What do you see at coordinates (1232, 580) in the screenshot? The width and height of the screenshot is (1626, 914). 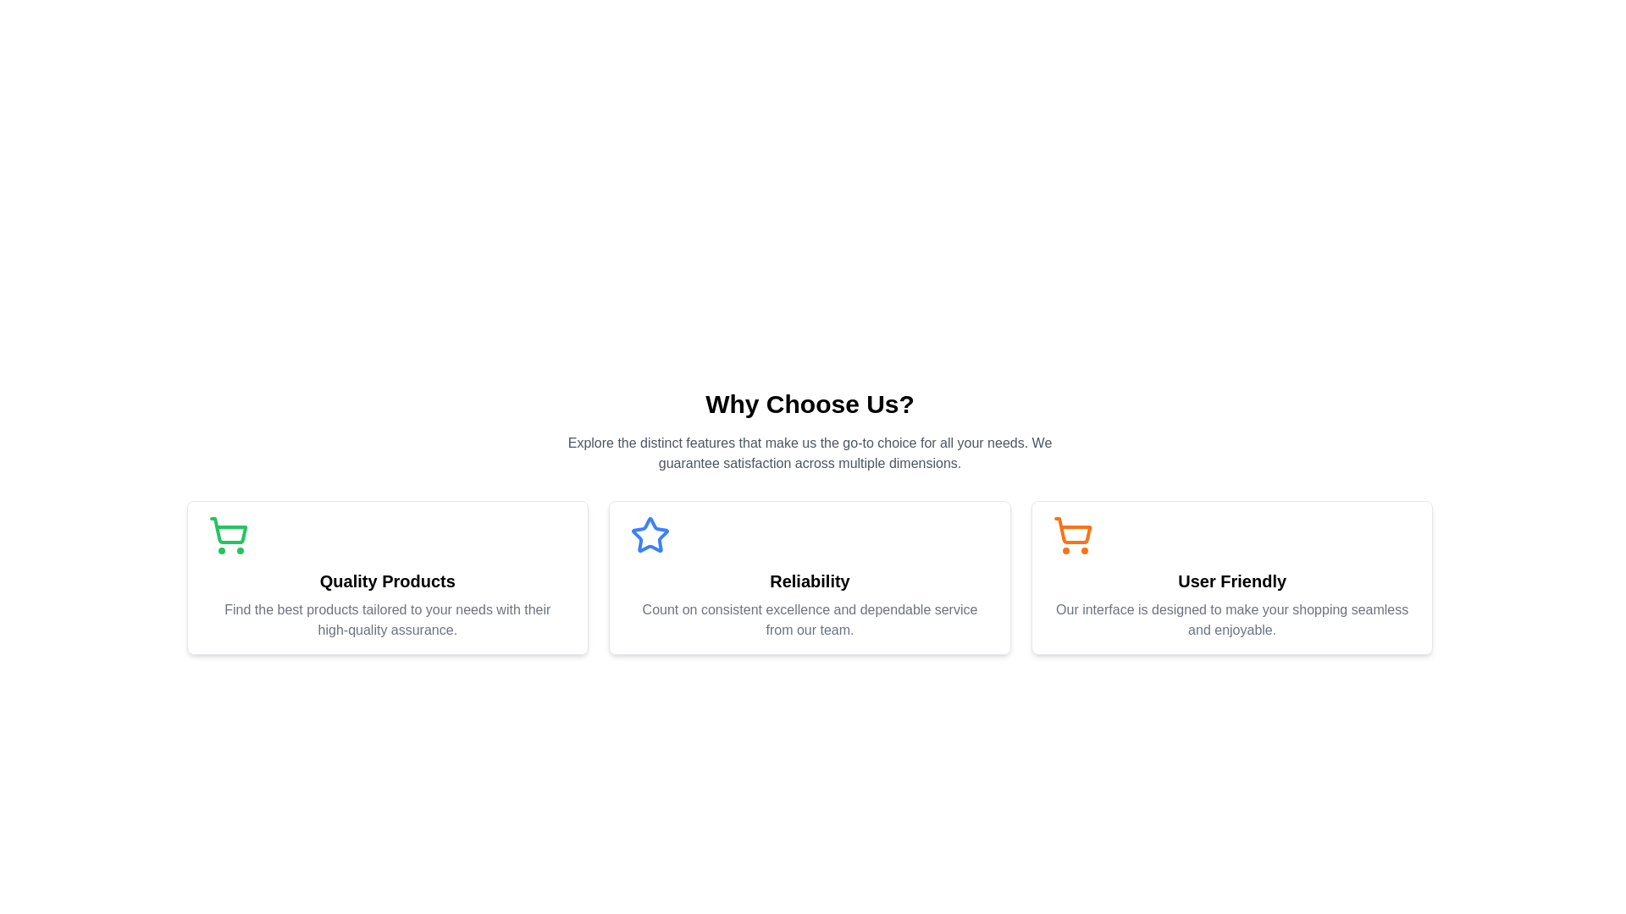 I see `the heading text element located in the lower section of the third card from the left, just above the descriptive text` at bounding box center [1232, 580].